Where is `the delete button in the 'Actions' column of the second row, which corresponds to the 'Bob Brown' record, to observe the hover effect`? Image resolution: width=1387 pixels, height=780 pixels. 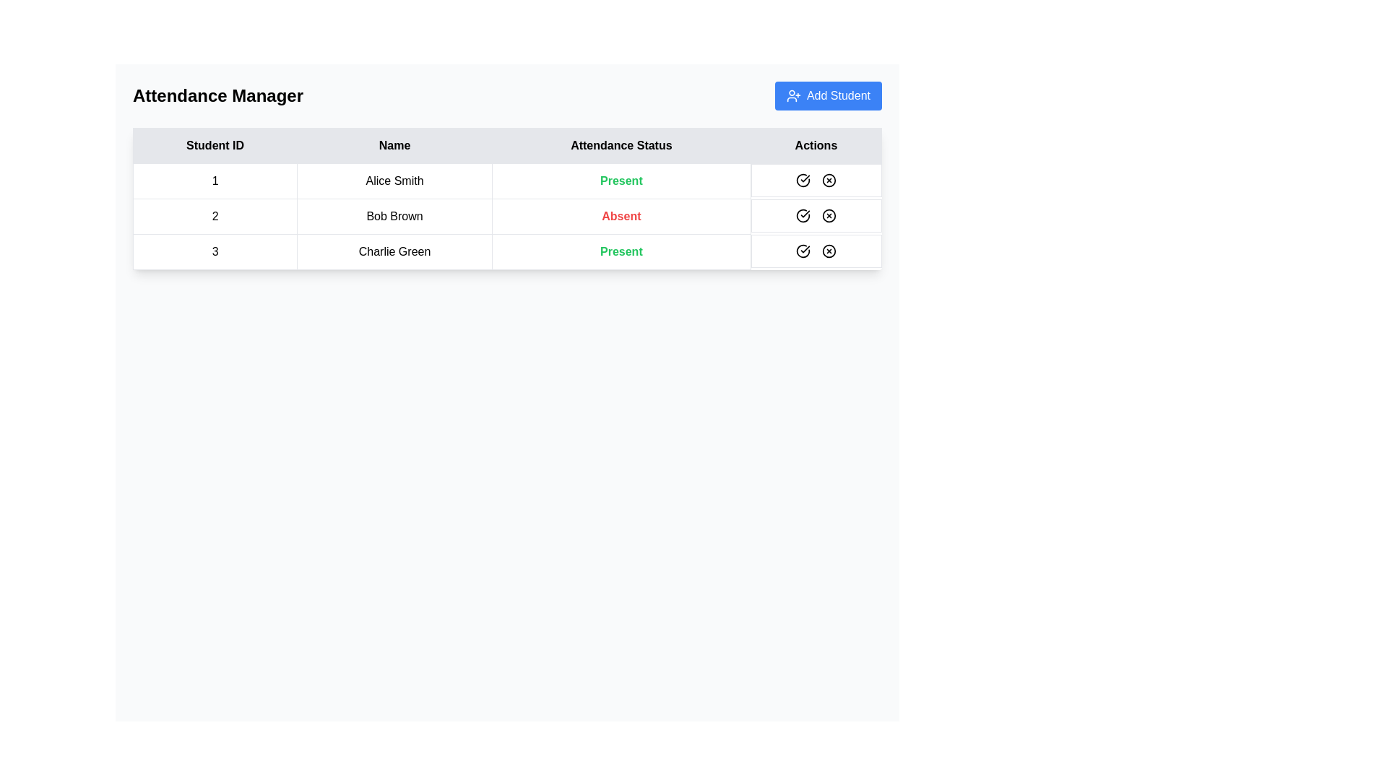 the delete button in the 'Actions' column of the second row, which corresponds to the 'Bob Brown' record, to observe the hover effect is located at coordinates (829, 215).